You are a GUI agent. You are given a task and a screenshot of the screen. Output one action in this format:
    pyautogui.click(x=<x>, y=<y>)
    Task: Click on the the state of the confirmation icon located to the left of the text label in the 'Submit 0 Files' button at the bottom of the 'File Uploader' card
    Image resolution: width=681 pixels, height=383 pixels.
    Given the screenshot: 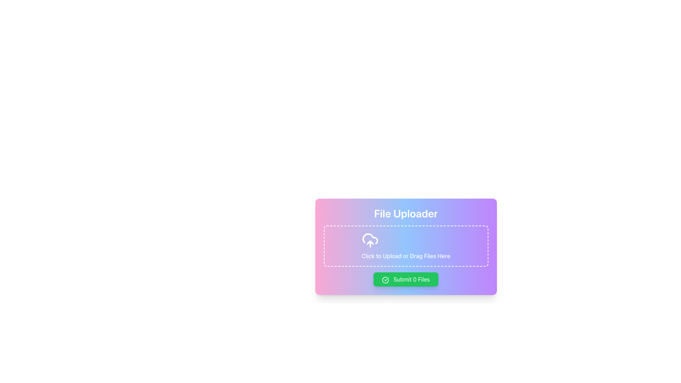 What is the action you would take?
    pyautogui.click(x=385, y=279)
    